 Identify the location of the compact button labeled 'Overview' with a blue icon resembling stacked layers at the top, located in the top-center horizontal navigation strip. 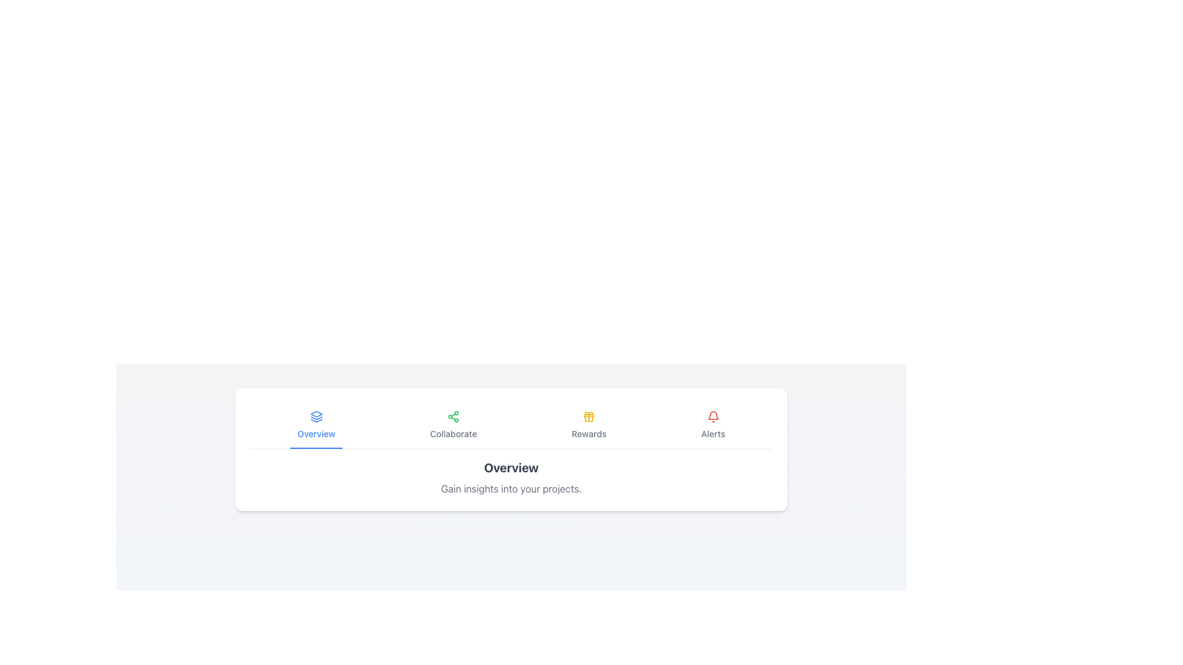
(316, 425).